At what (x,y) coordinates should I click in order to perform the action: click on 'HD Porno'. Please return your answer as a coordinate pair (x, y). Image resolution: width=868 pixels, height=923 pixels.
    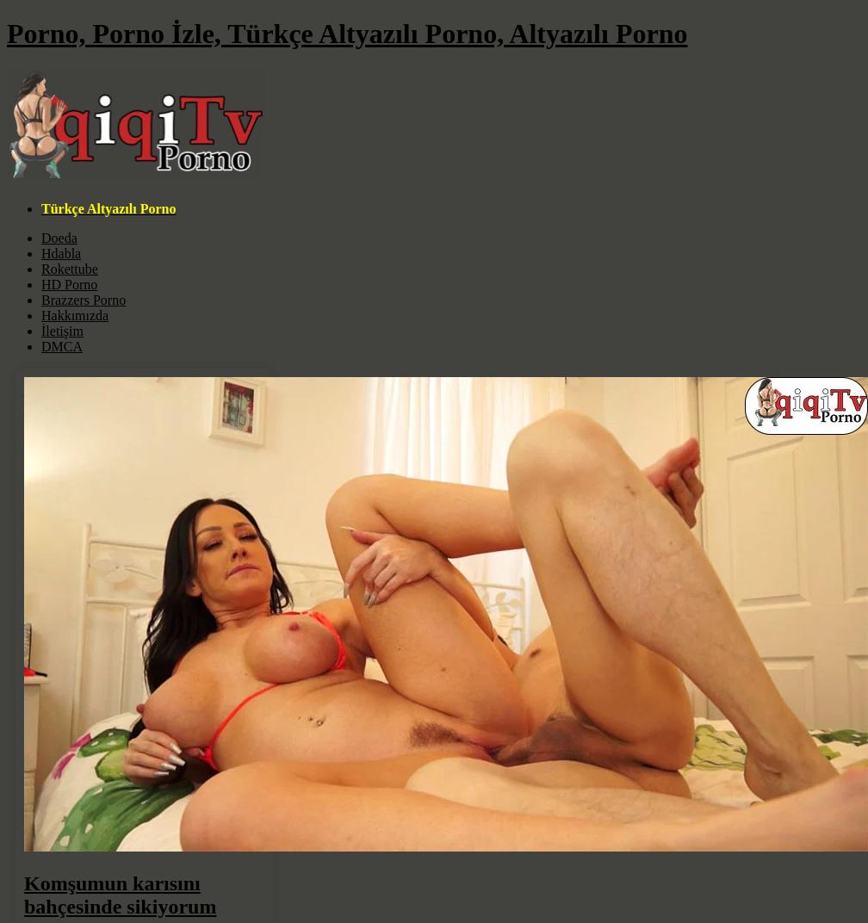
    Looking at the image, I should click on (69, 282).